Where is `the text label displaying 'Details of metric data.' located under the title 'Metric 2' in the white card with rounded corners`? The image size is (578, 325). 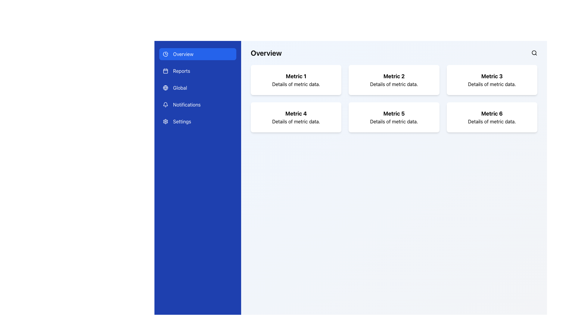
the text label displaying 'Details of metric data.' located under the title 'Metric 2' in the white card with rounded corners is located at coordinates (394, 84).